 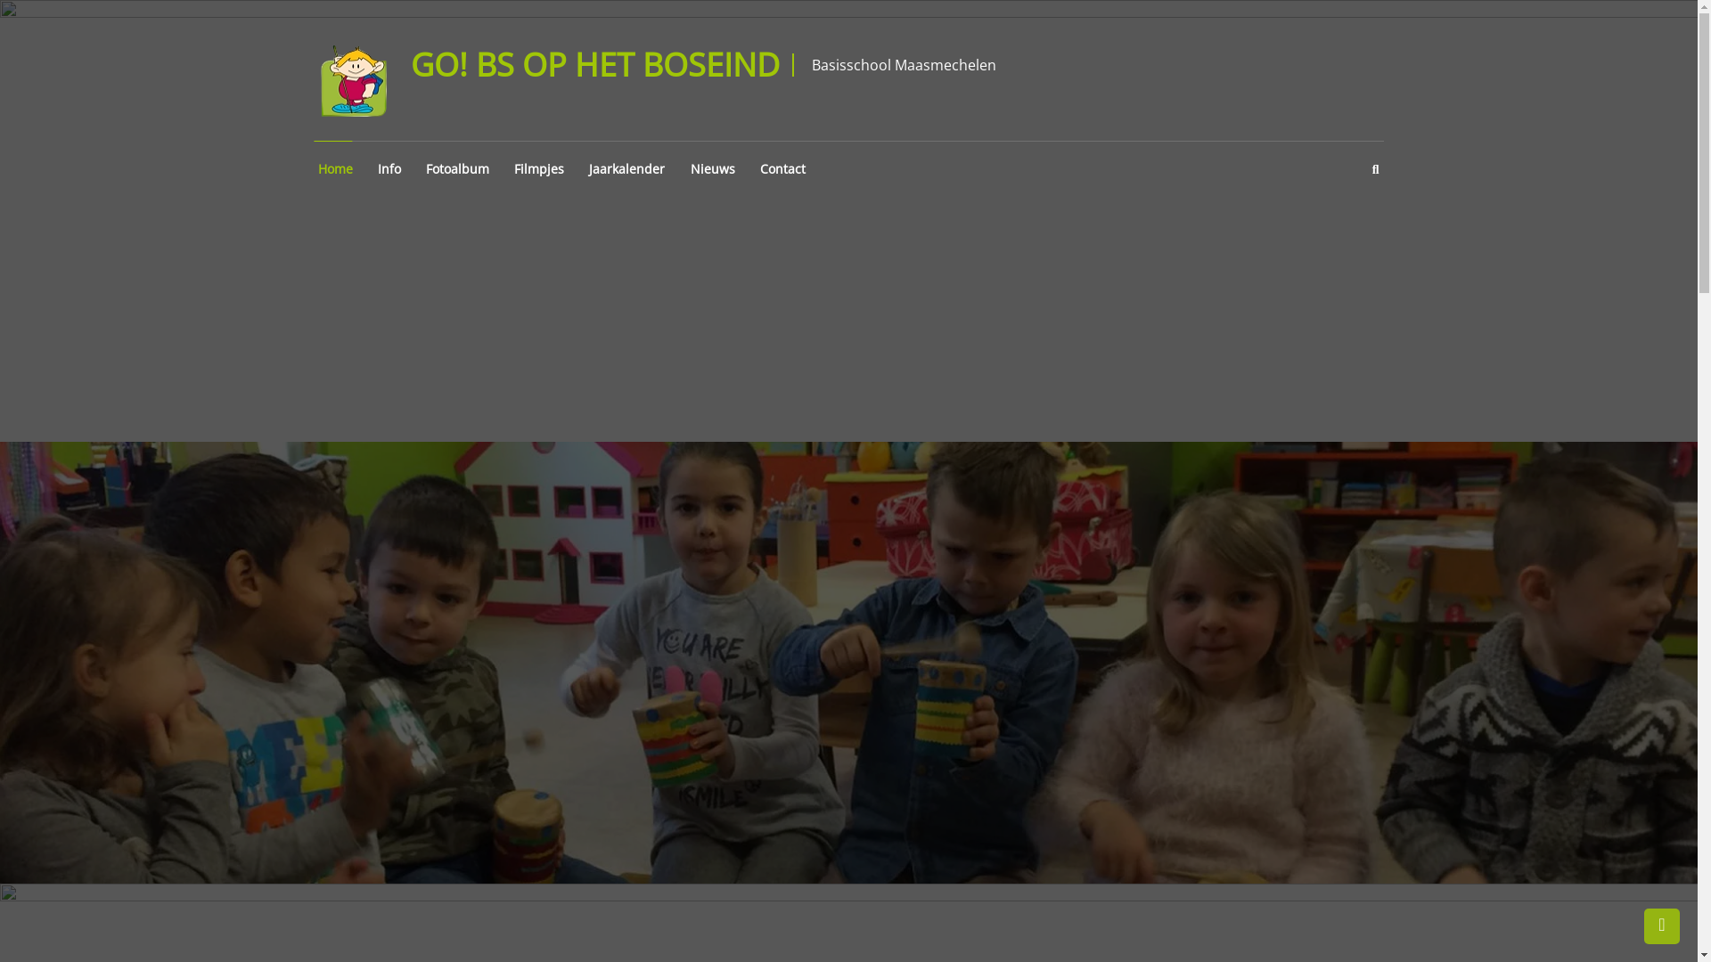 I want to click on 'Info', so click(x=387, y=168).